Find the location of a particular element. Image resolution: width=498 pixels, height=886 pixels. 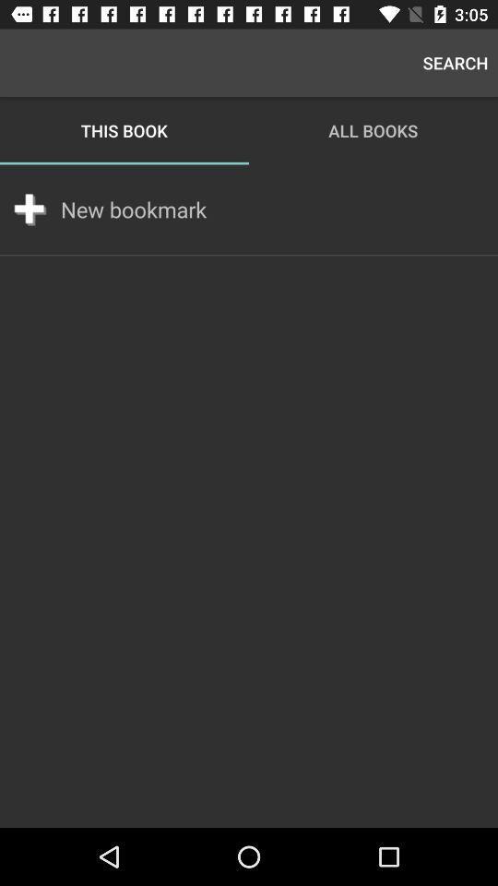

app next to the new bookmark is located at coordinates (29, 210).